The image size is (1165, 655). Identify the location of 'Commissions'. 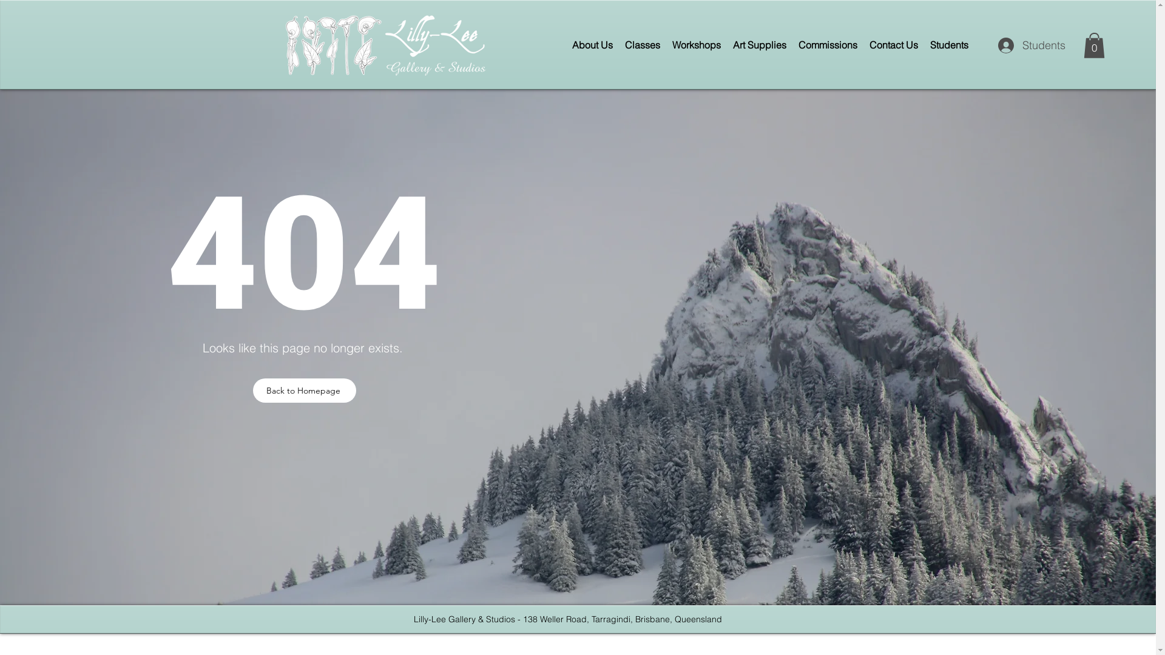
(827, 44).